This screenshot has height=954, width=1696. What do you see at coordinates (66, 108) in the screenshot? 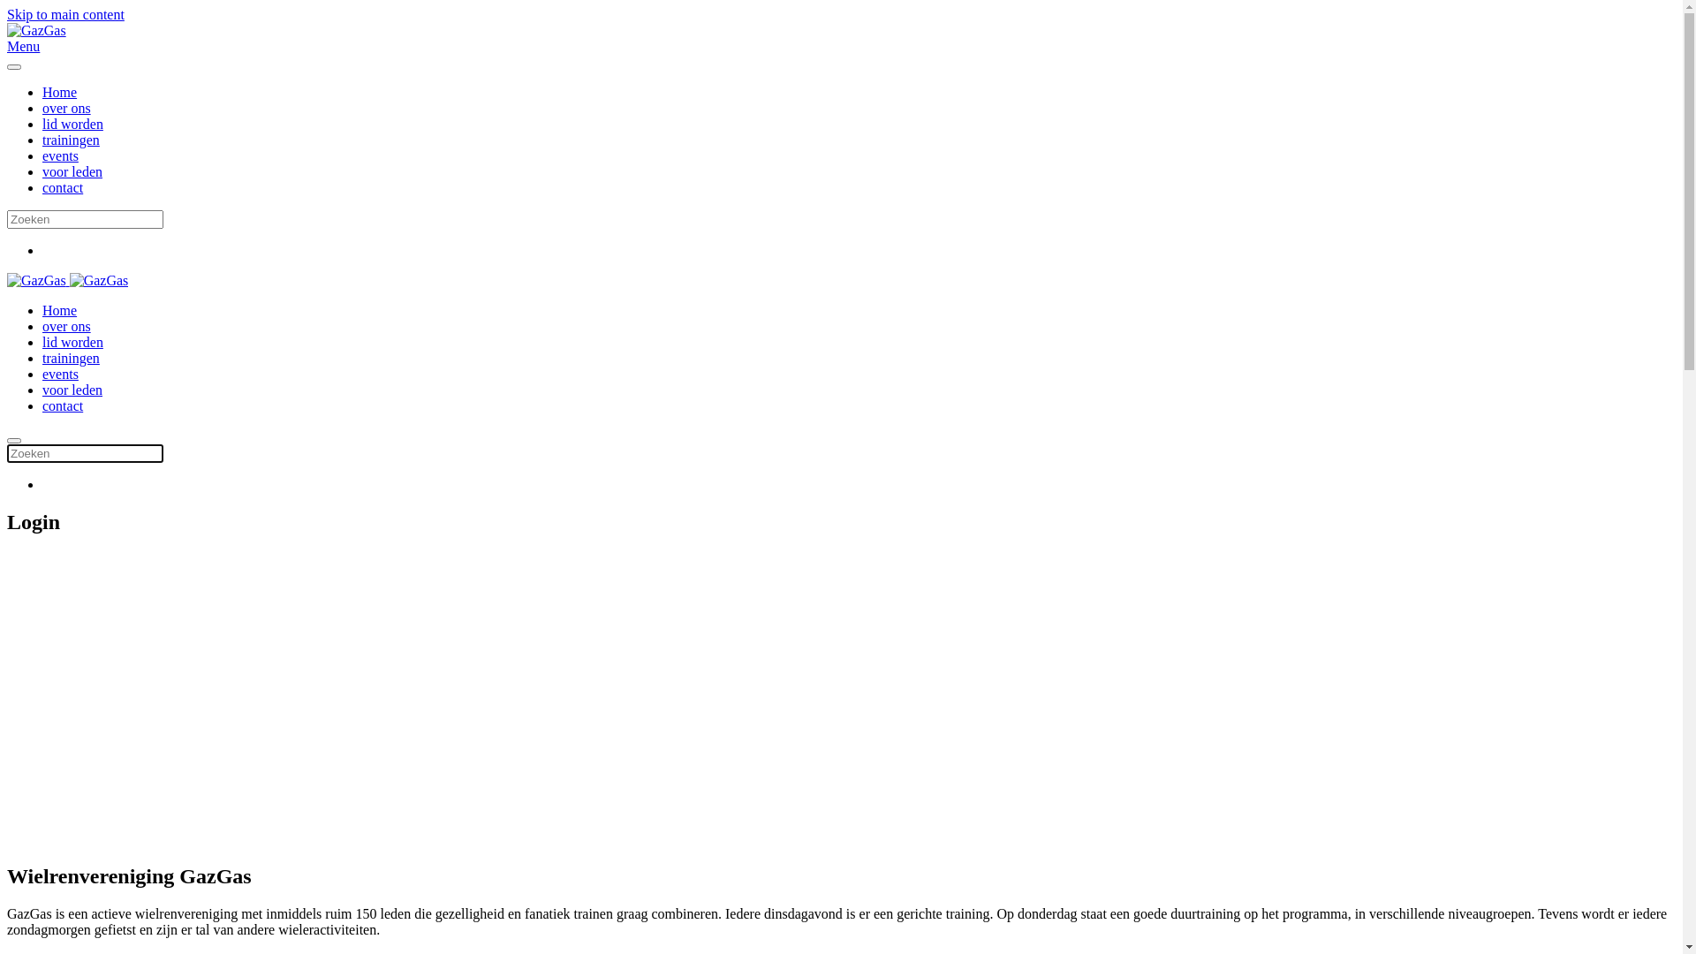
I see `'over ons'` at bounding box center [66, 108].